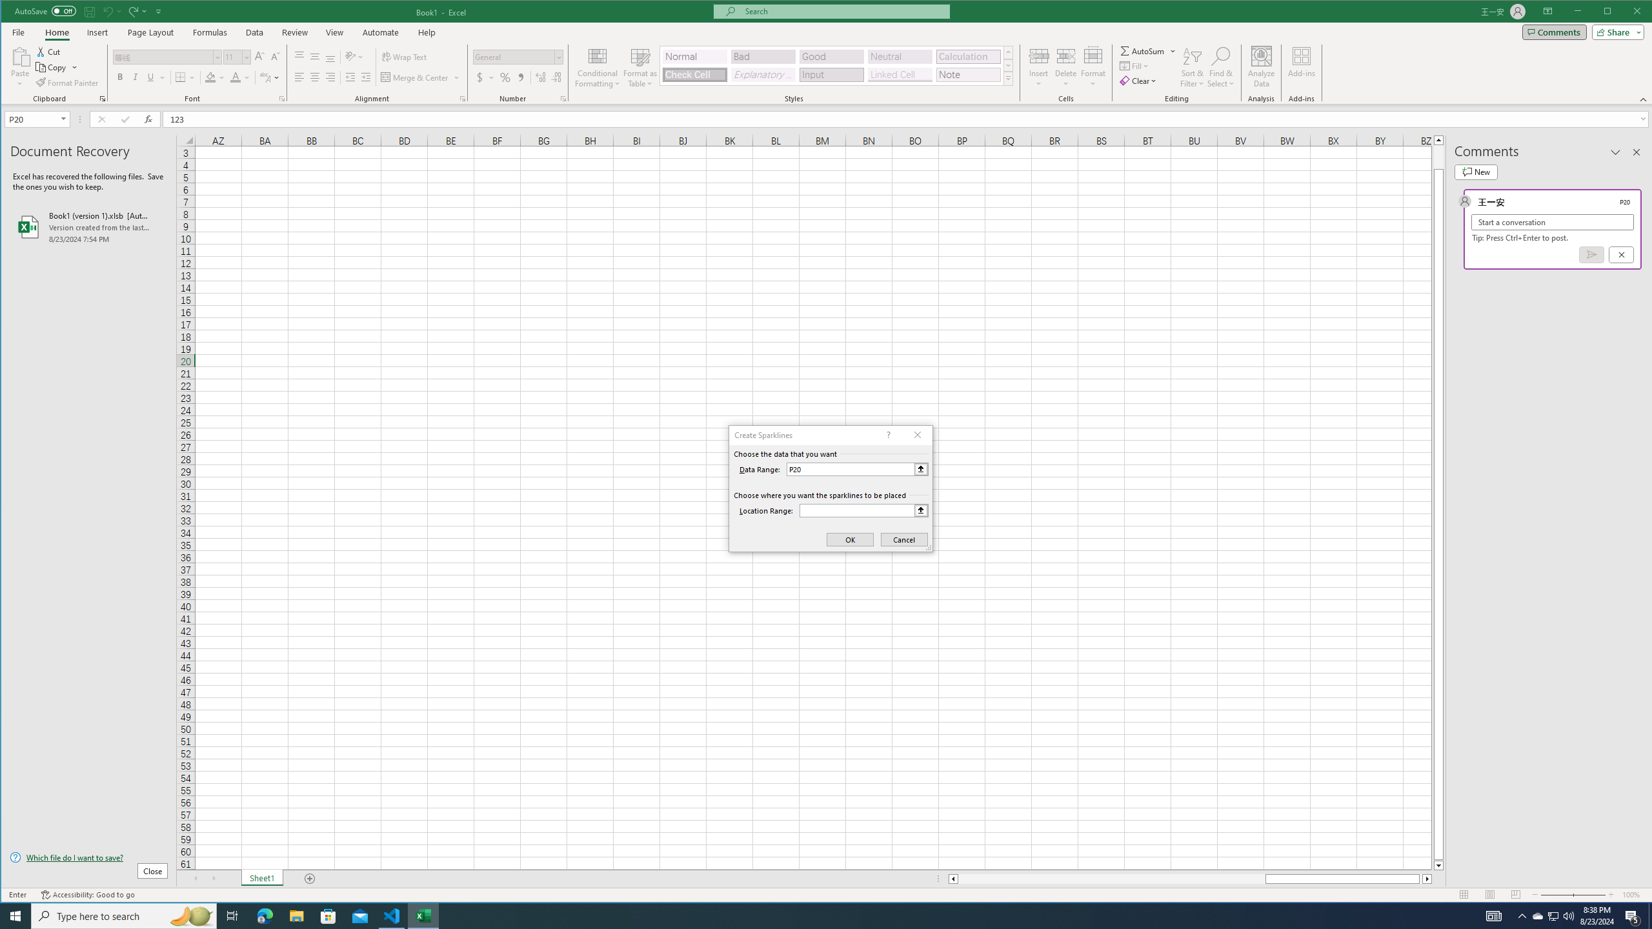  What do you see at coordinates (330, 77) in the screenshot?
I see `'Align Right'` at bounding box center [330, 77].